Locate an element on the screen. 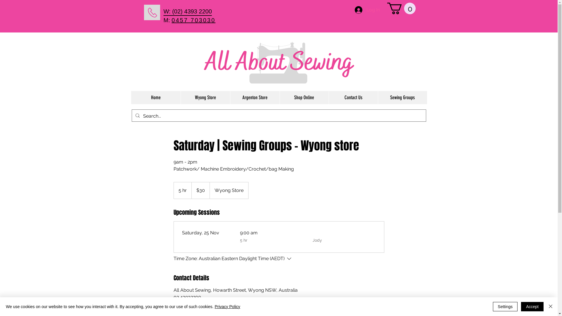 Image resolution: width=562 pixels, height=316 pixels. 'Argenton Store' is located at coordinates (255, 97).